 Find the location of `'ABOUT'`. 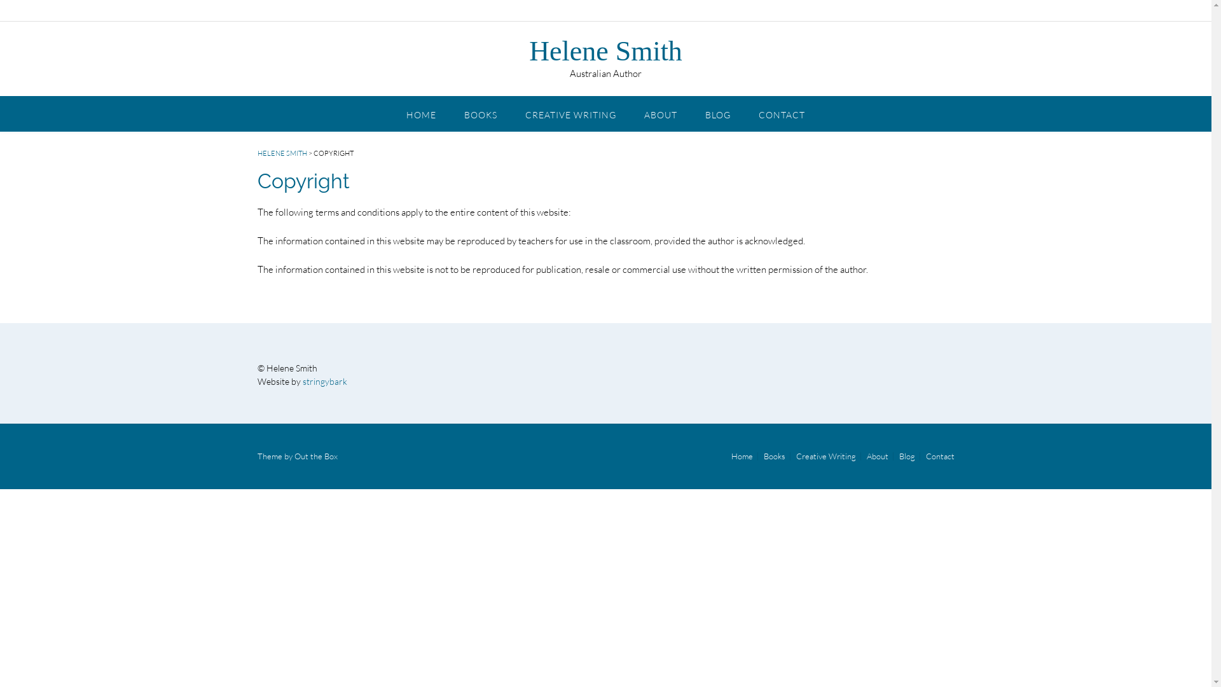

'ABOUT' is located at coordinates (660, 112).